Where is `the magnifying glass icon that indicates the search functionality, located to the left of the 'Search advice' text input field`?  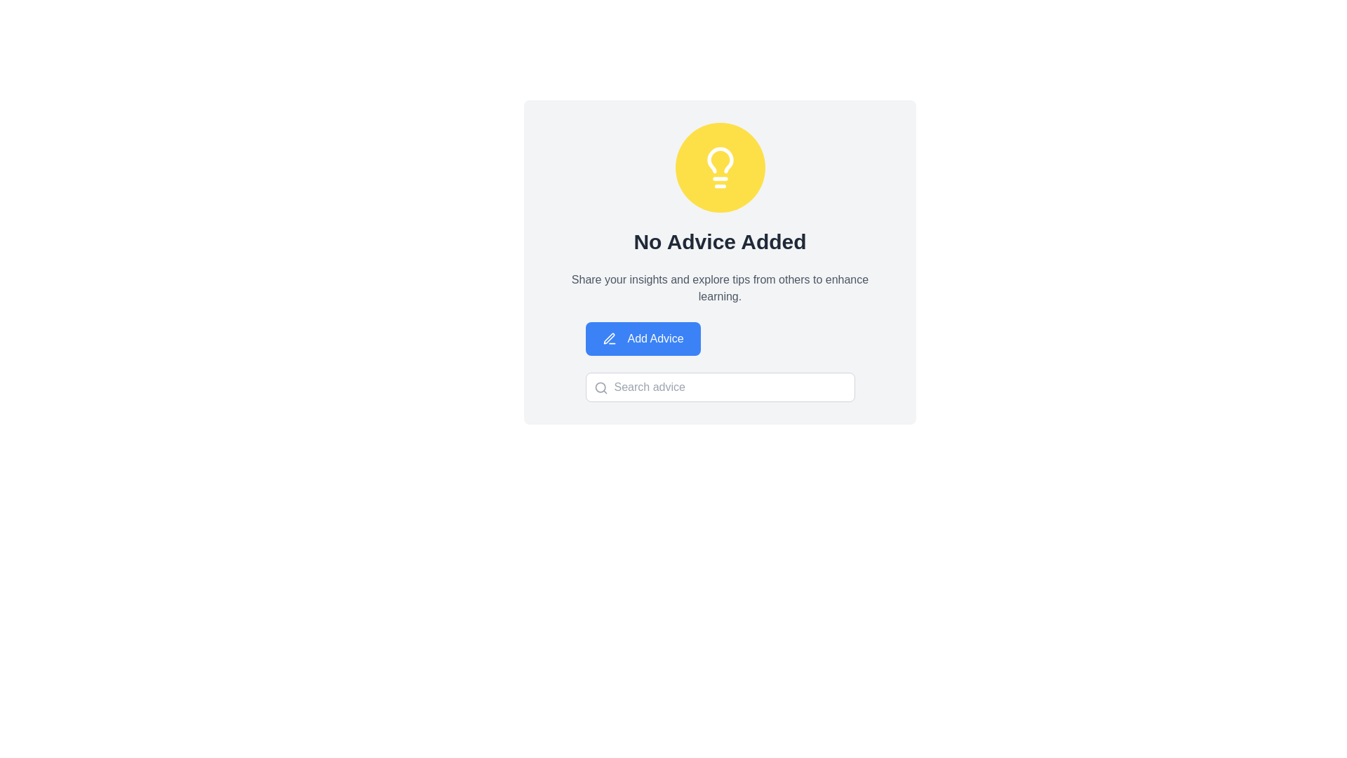
the magnifying glass icon that indicates the search functionality, located to the left of the 'Search advice' text input field is located at coordinates (601, 387).